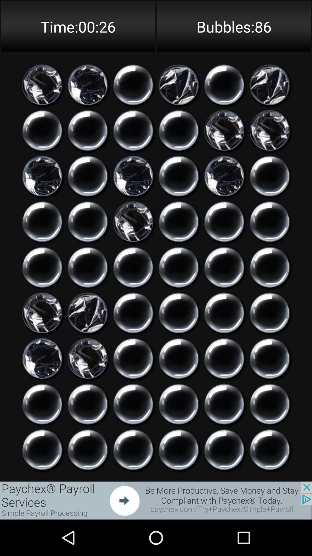  Describe the element at coordinates (224, 221) in the screenshot. I see `option` at that location.